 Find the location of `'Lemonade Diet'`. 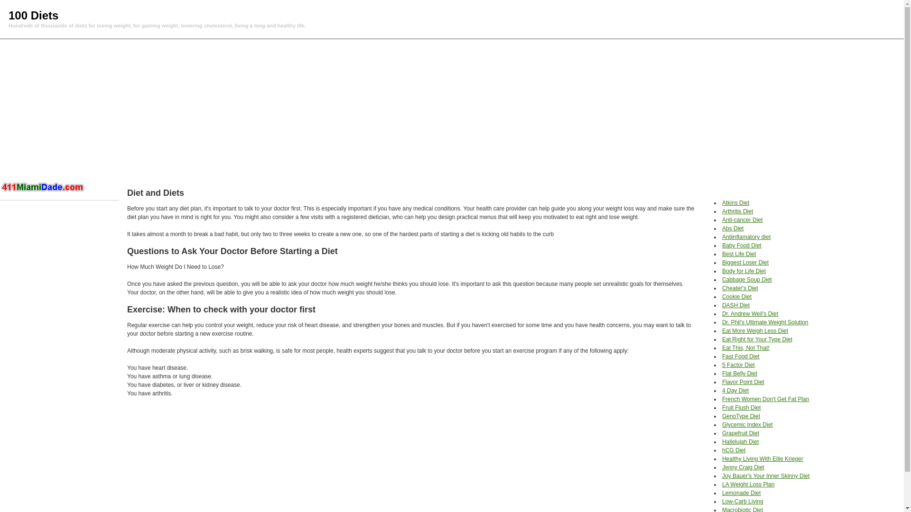

'Lemonade Diet' is located at coordinates (741, 493).